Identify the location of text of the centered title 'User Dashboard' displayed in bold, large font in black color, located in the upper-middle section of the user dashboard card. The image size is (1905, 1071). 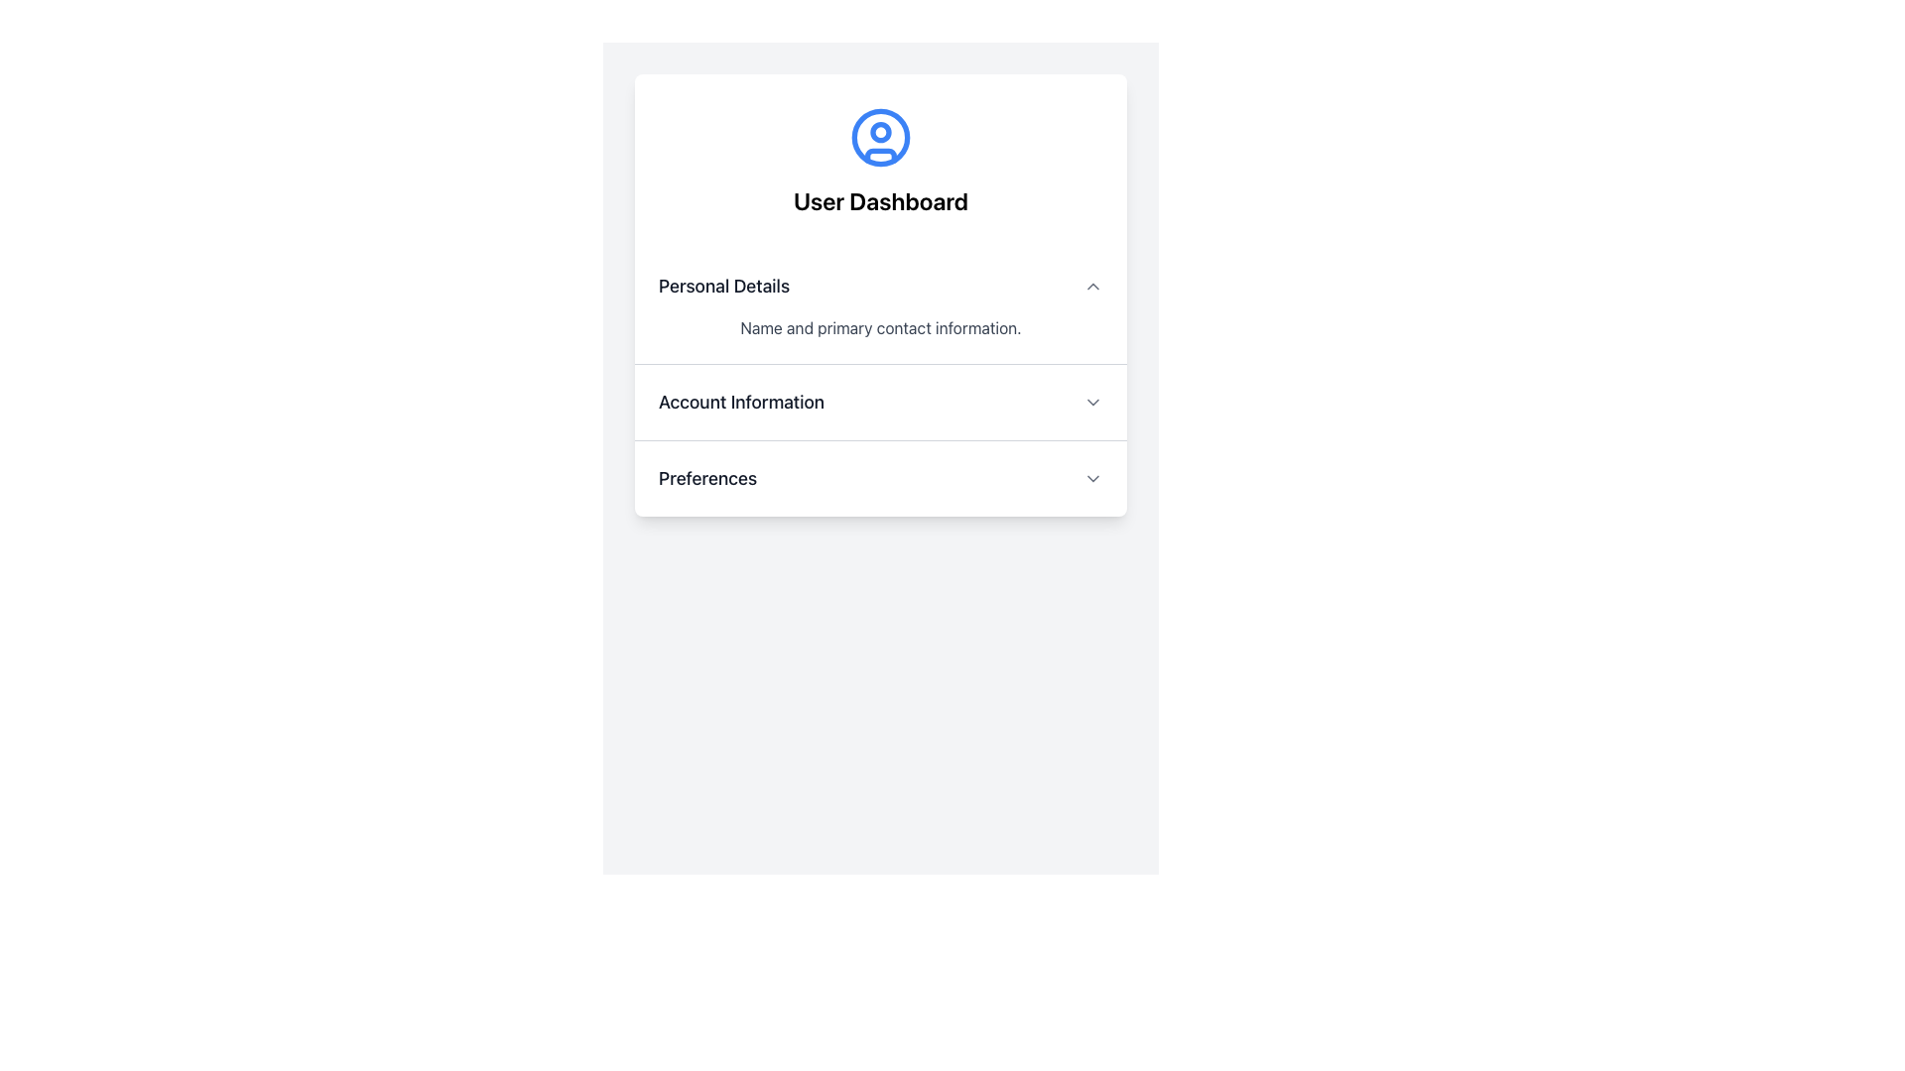
(880, 201).